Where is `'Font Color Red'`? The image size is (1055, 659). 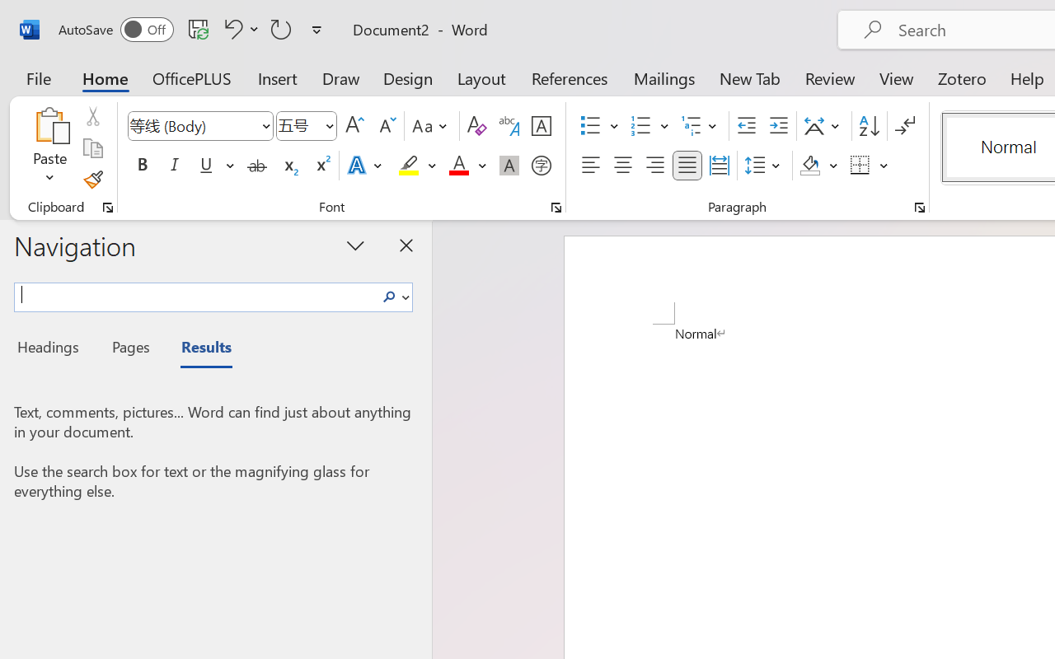 'Font Color Red' is located at coordinates (458, 166).